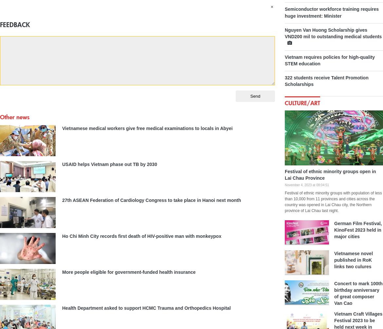 The width and height of the screenshot is (383, 329). What do you see at coordinates (62, 128) in the screenshot?
I see `'Vietnamese medical workers give free medical examinations to locals in Abyei'` at bounding box center [62, 128].